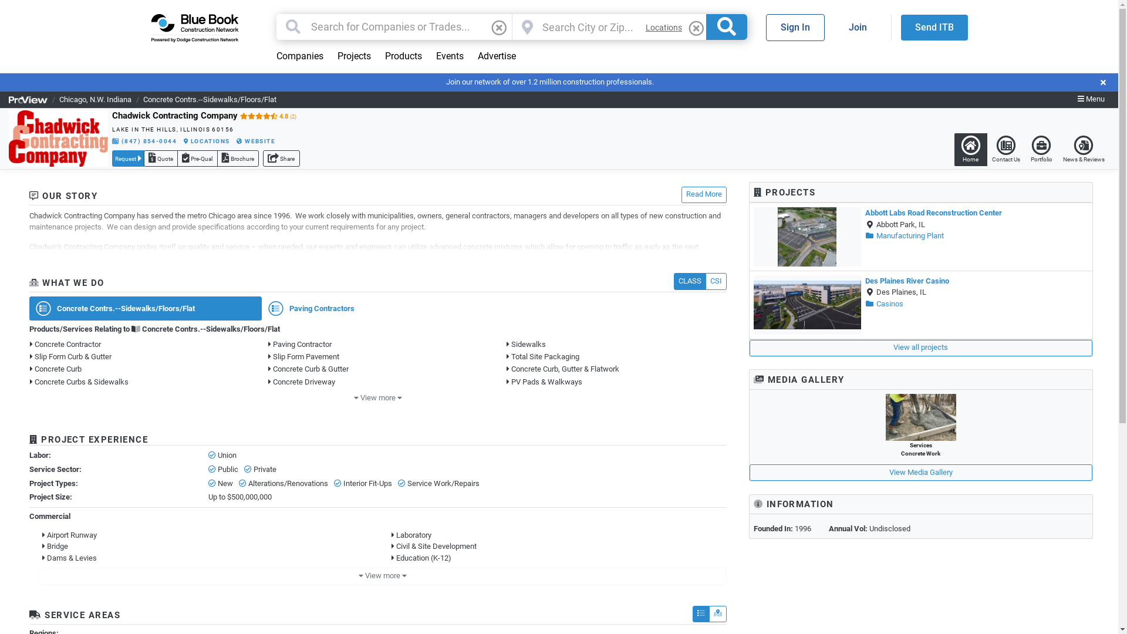  I want to click on 'Portfolio', so click(1041, 149).